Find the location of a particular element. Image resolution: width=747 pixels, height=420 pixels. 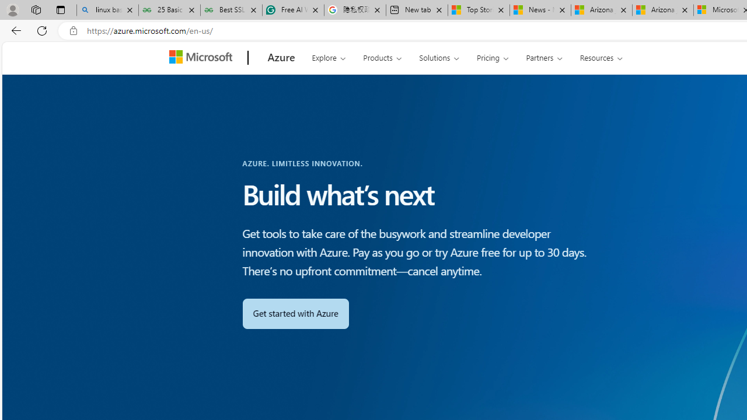

'Azure' is located at coordinates (281, 58).